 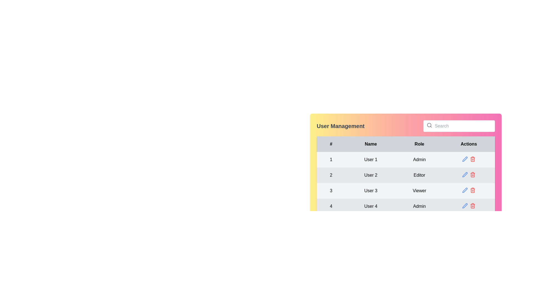 I want to click on the 'Viewer' text label, which is located in the third row under the 'Role' column of the user management table, on a light gray background, so click(x=419, y=190).